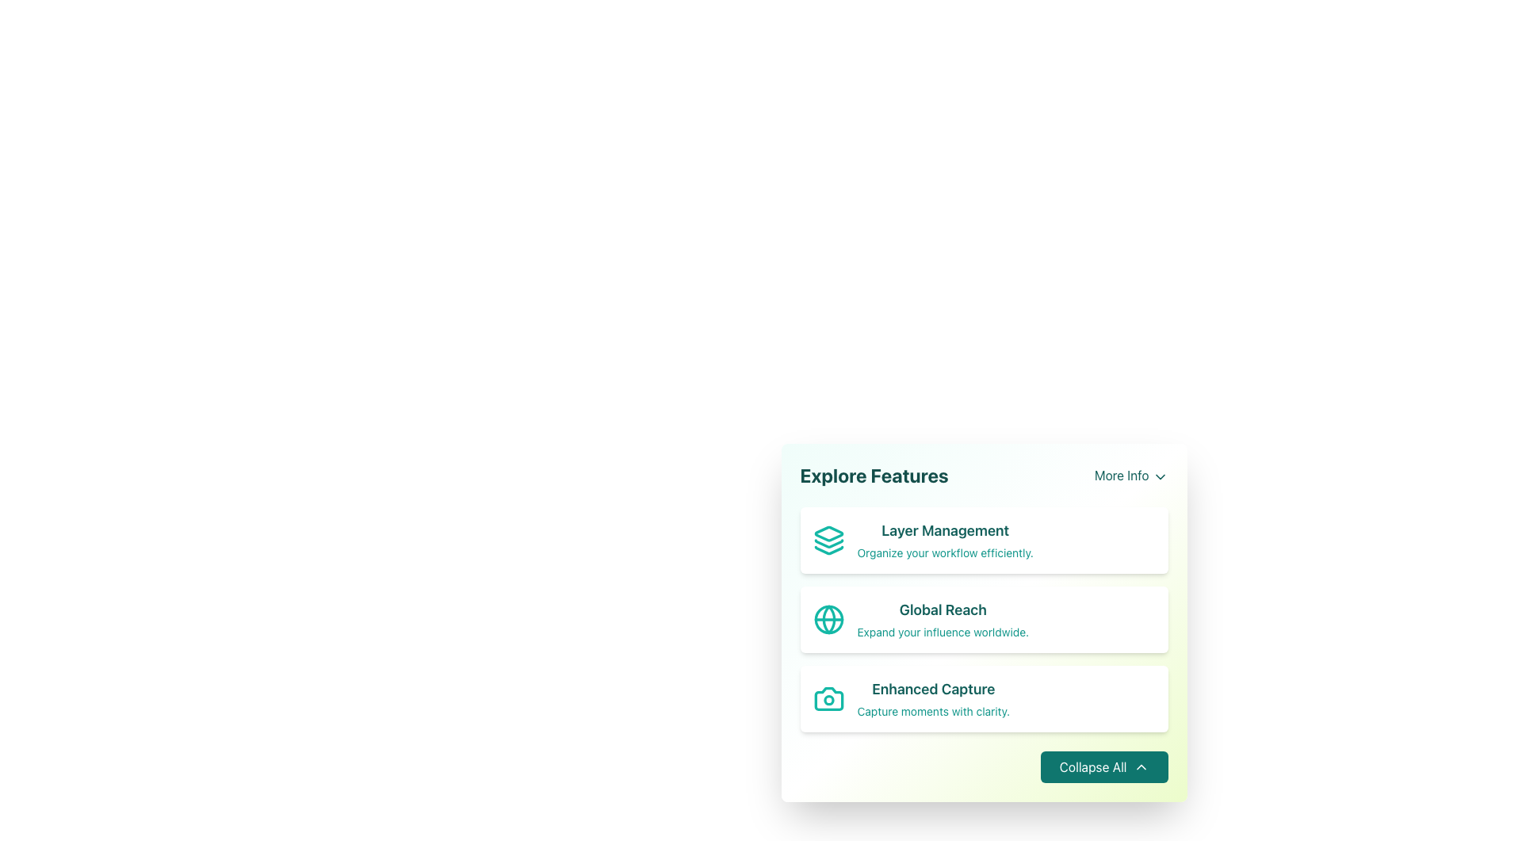 This screenshot has width=1522, height=856. I want to click on the decorative circle element representing the camera's lens in the 'Enhanced Capture' section of the feature list, so click(828, 699).